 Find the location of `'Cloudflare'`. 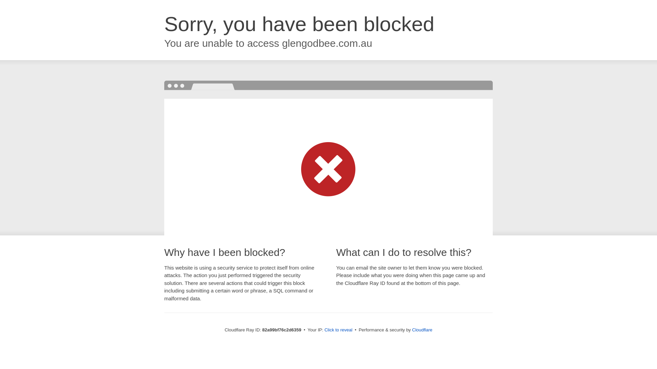

'Cloudflare' is located at coordinates (422, 329).